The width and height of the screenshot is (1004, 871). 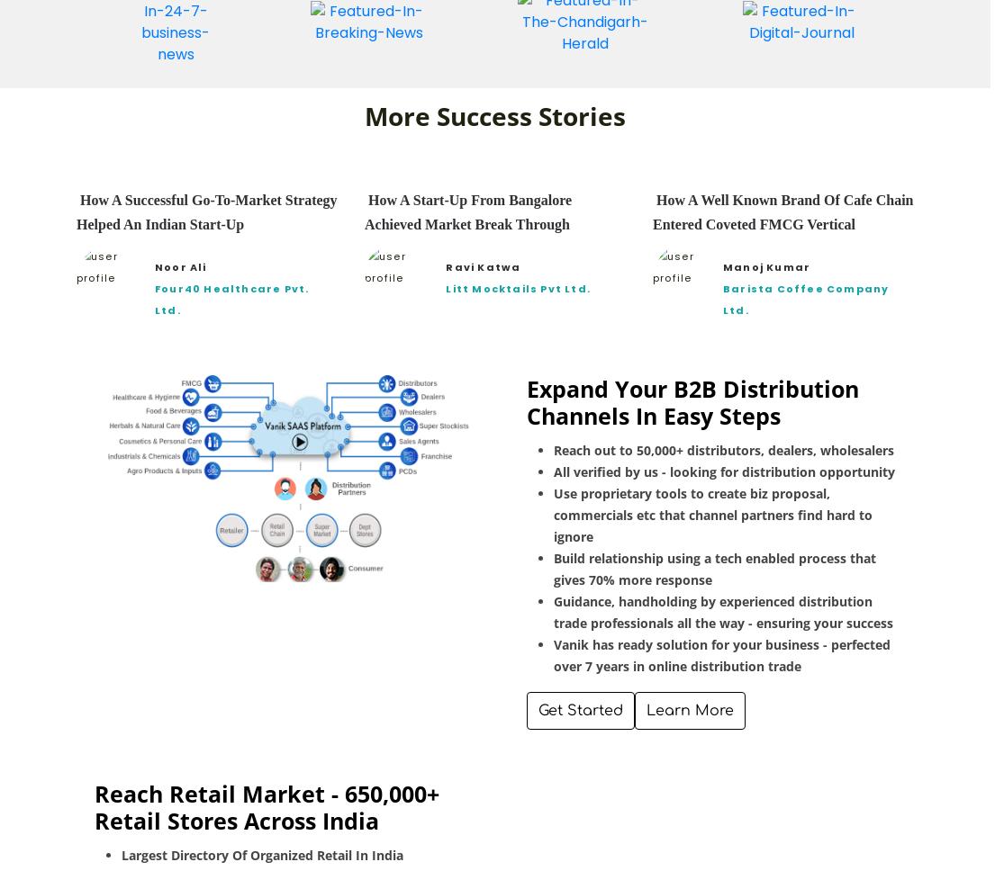 I want to click on 'Get Started', so click(x=580, y=709).